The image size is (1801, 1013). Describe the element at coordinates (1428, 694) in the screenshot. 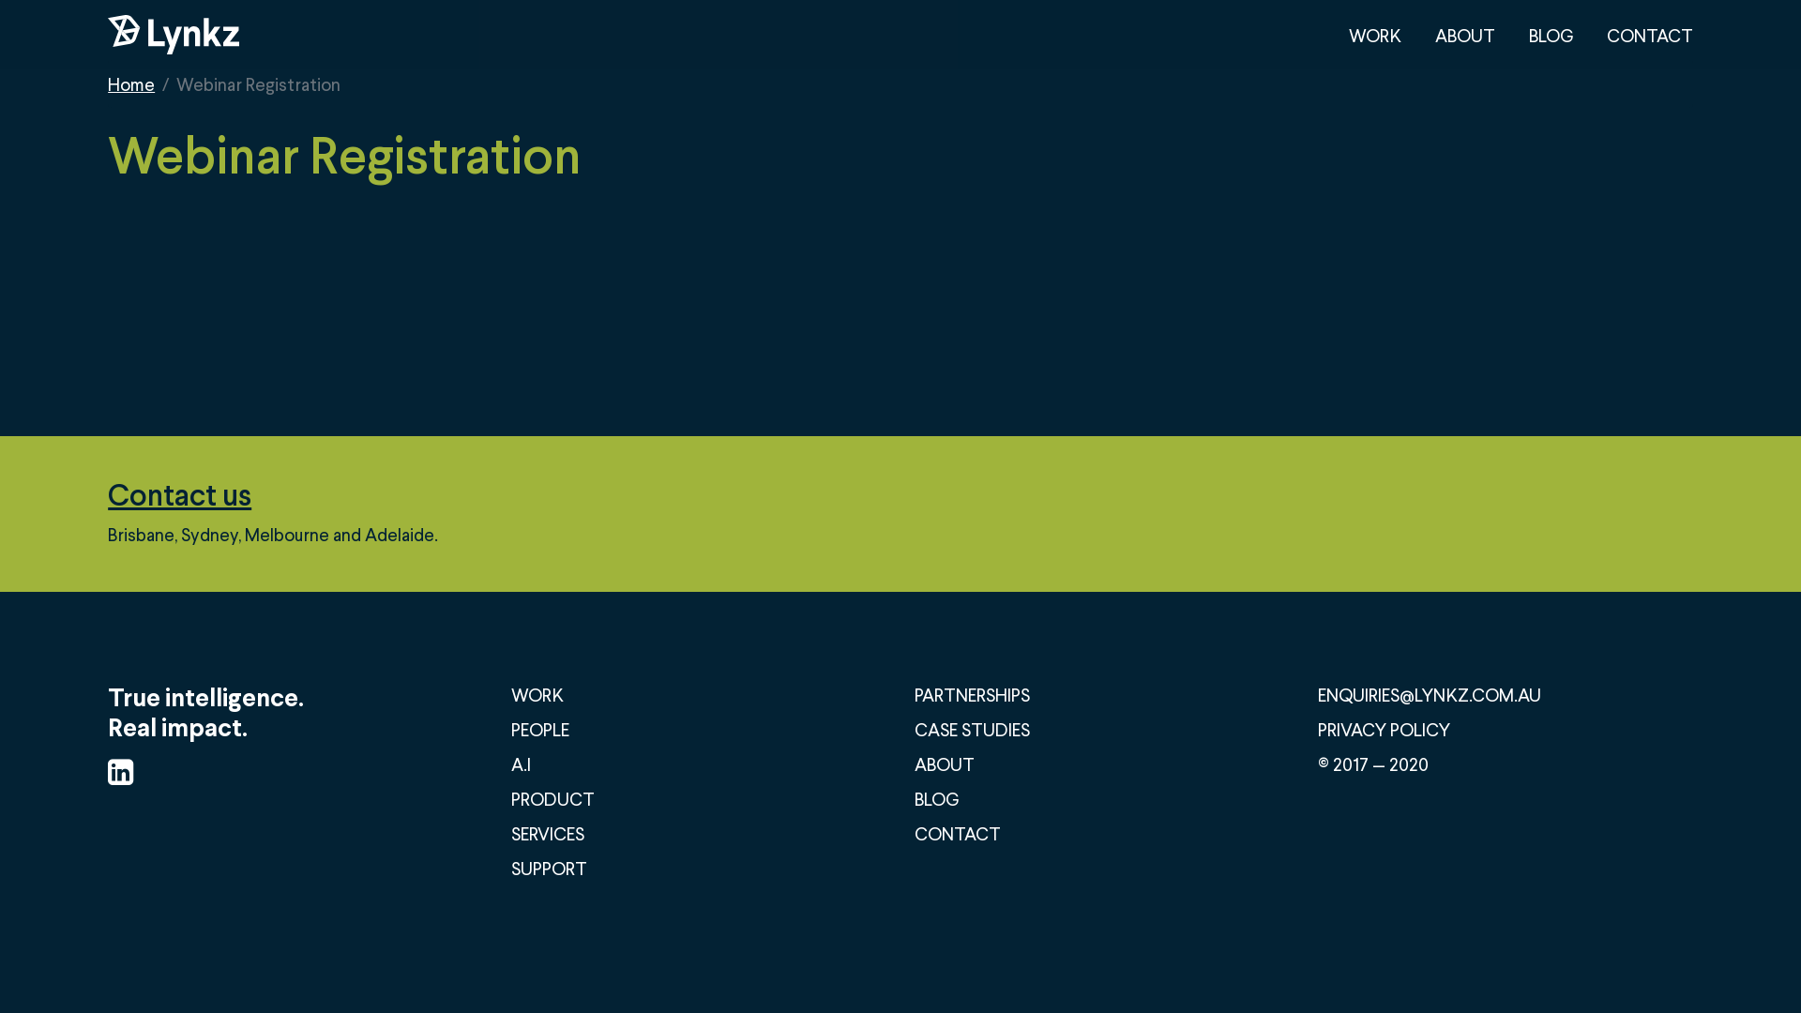

I see `'ENQUIRIES@LYNKZ.COM.AU'` at that location.